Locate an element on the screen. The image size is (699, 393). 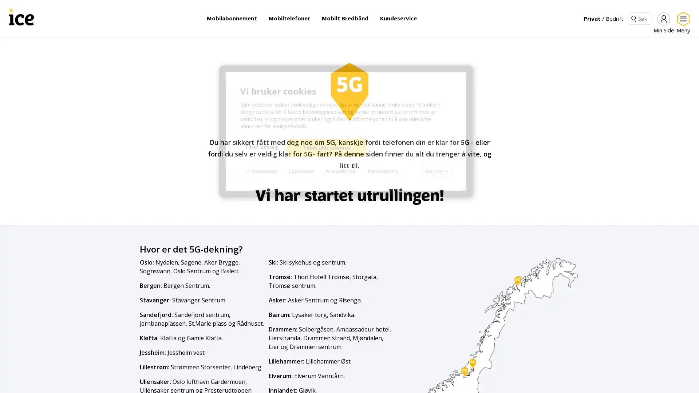
Meny is located at coordinates (682, 22).